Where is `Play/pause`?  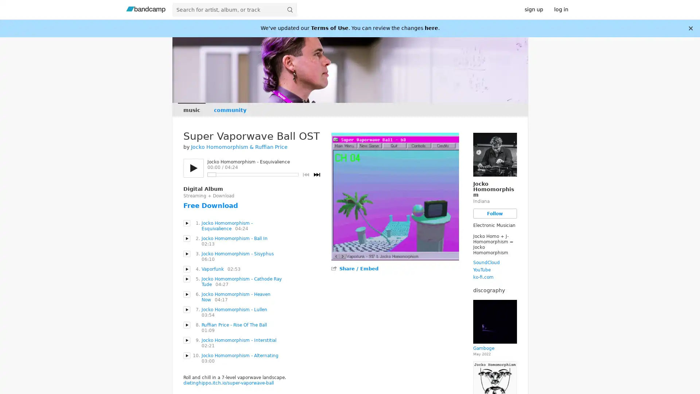
Play/pause is located at coordinates (193, 168).